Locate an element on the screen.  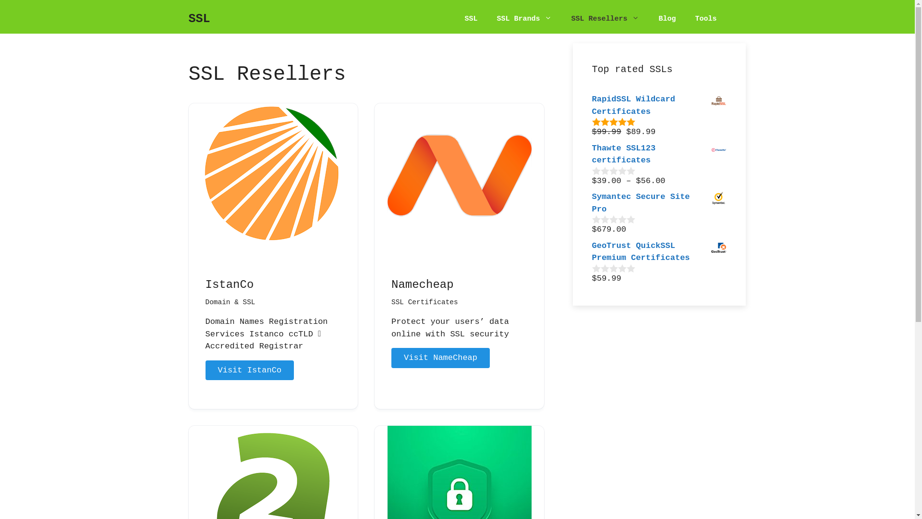
'Tools' is located at coordinates (705, 19).